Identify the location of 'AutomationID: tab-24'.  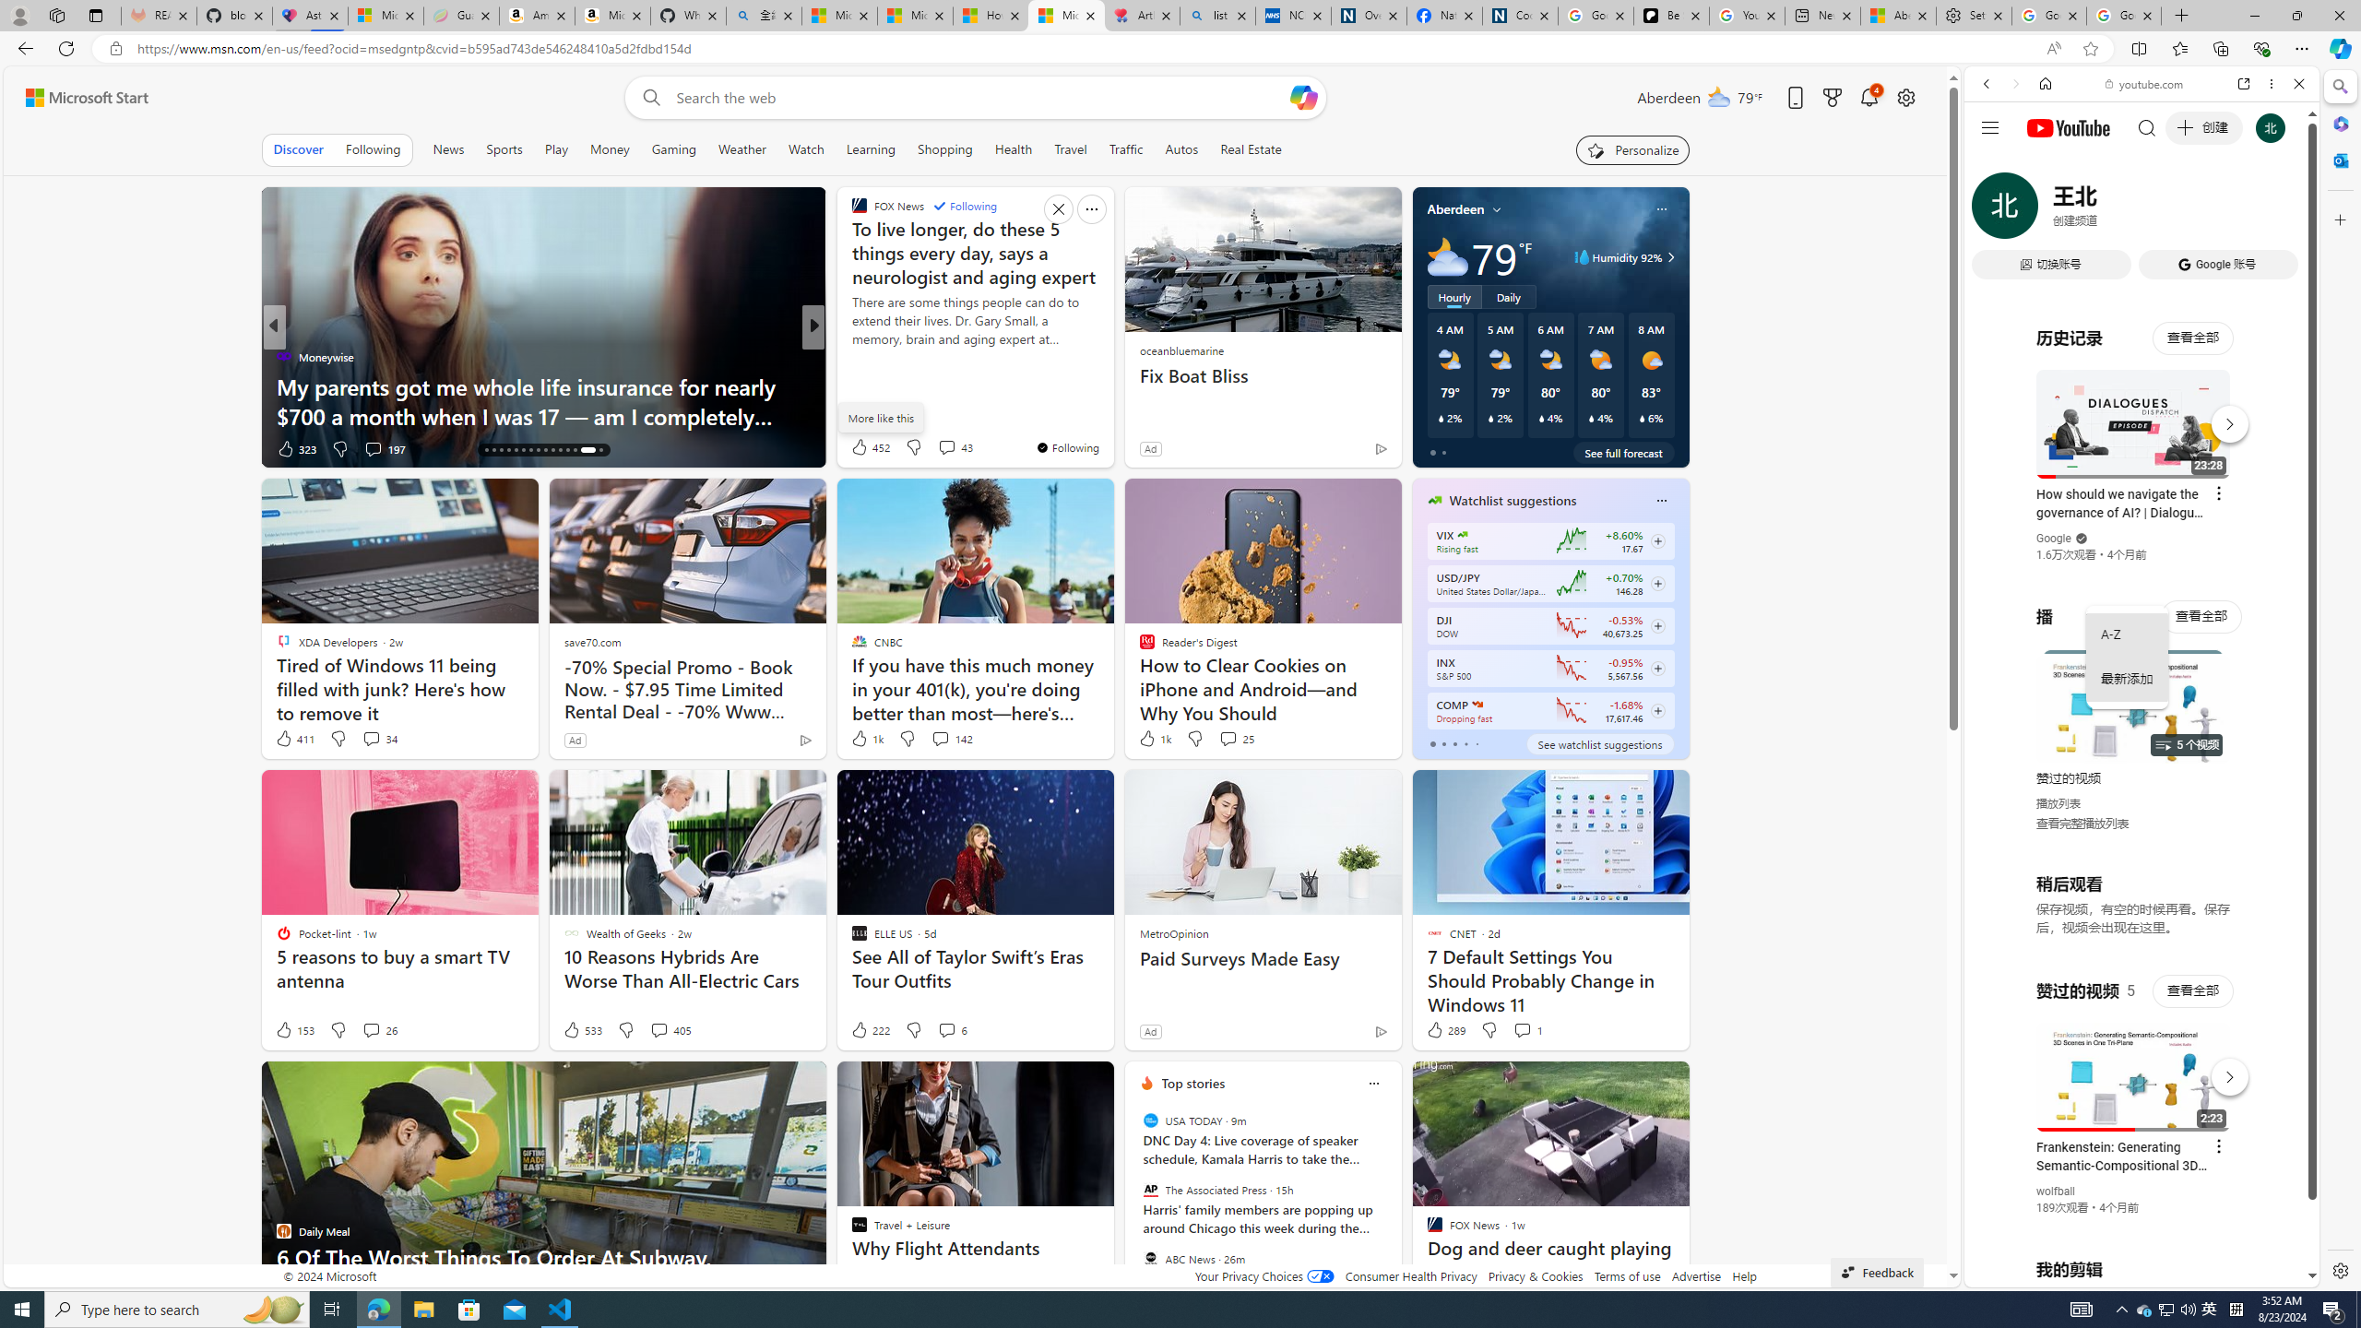
(545, 449).